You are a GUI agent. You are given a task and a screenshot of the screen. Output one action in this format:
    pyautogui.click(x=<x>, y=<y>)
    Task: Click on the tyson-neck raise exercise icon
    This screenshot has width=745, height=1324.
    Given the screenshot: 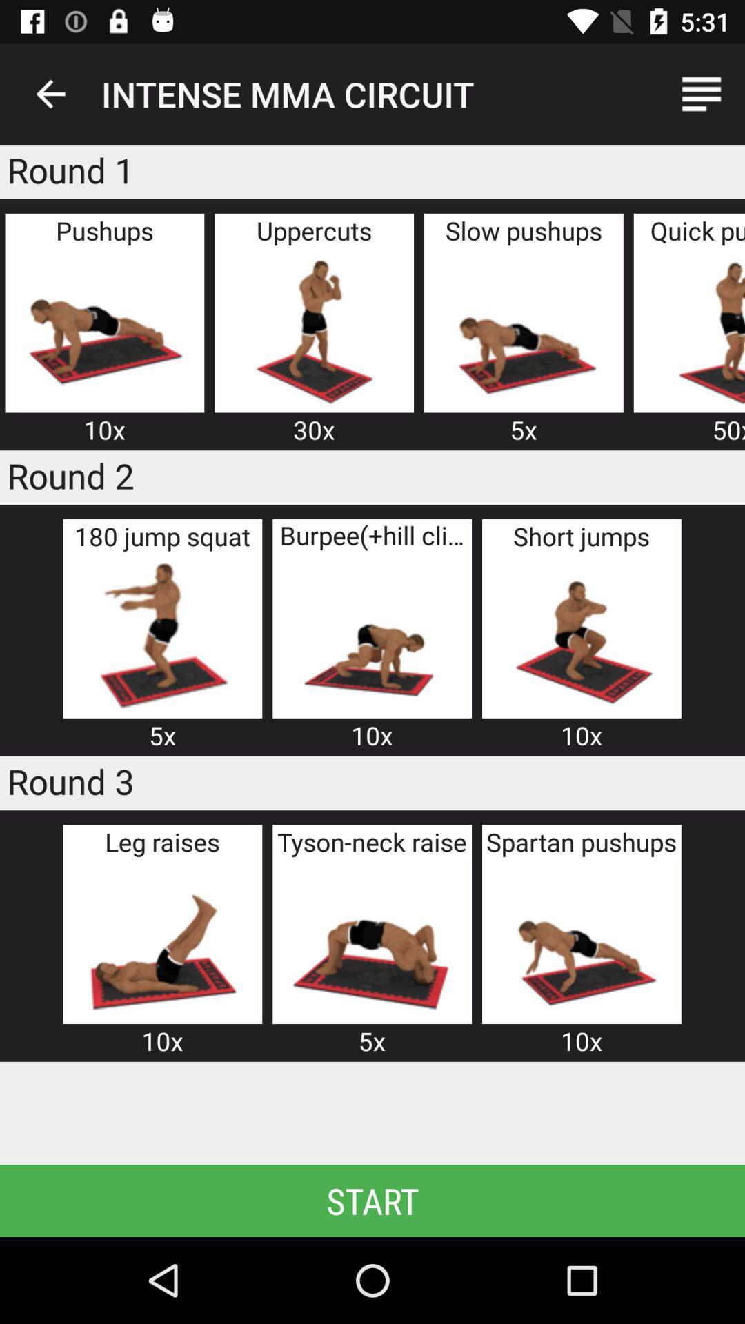 What is the action you would take?
    pyautogui.click(x=371, y=940)
    